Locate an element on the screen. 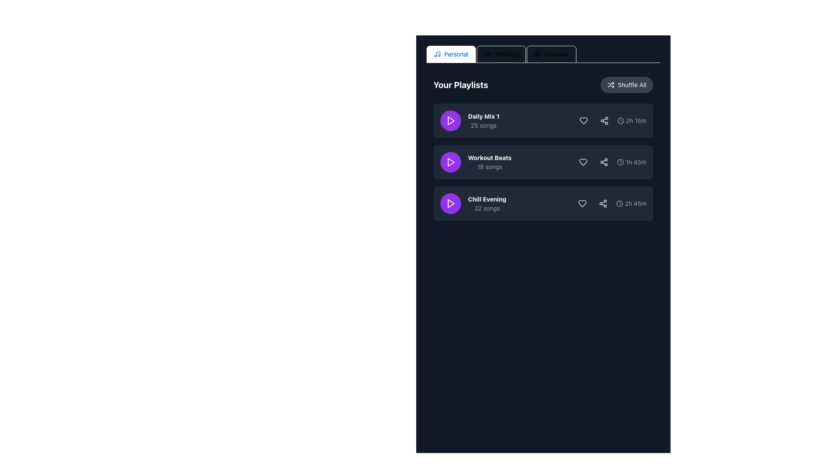  the 'like' button for the playlist item 'Daily Mix 1' is located at coordinates (583, 121).